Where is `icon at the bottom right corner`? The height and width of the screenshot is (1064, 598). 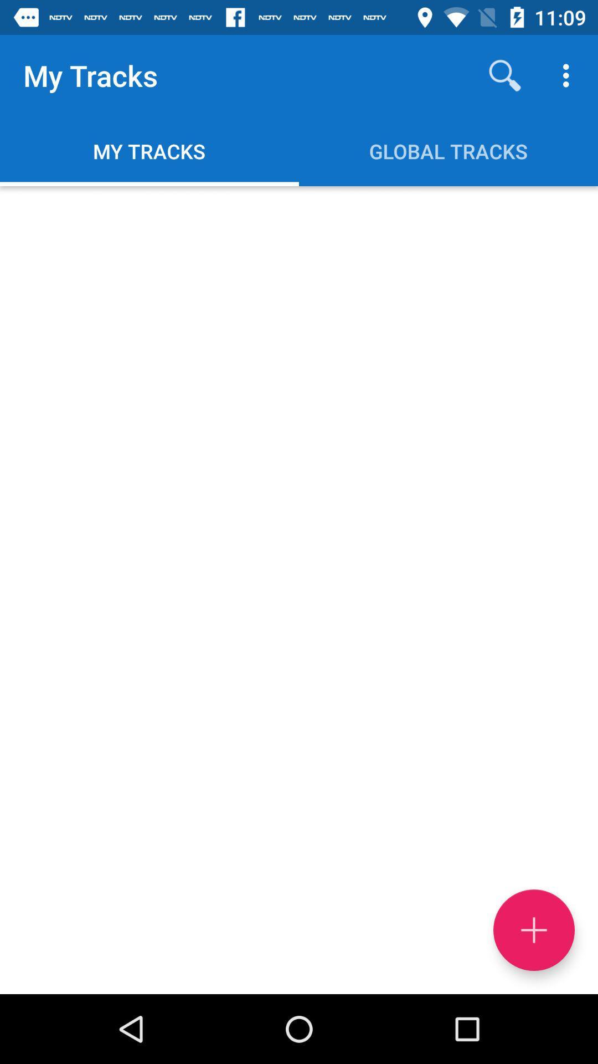
icon at the bottom right corner is located at coordinates (533, 930).